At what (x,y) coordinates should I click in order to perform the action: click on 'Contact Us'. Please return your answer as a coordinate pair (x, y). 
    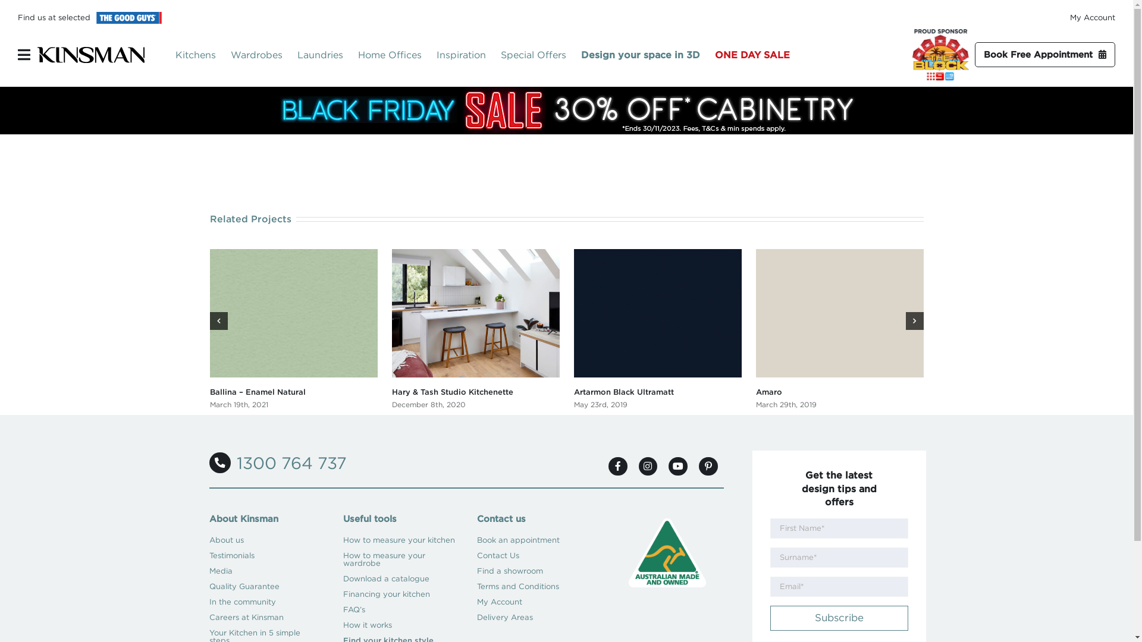
    Looking at the image, I should click on (476, 555).